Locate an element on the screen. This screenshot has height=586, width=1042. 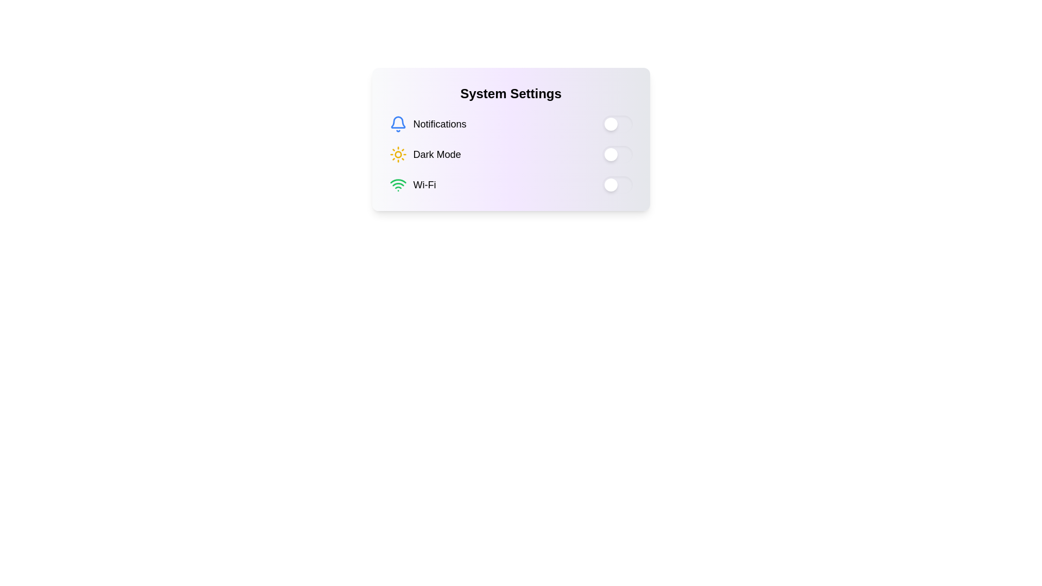
the 'Dark Mode' label which features a yellow sun icon and black text, positioned as the second item in the vertical list of settings options within the 'System Settings' panel is located at coordinates (424, 155).